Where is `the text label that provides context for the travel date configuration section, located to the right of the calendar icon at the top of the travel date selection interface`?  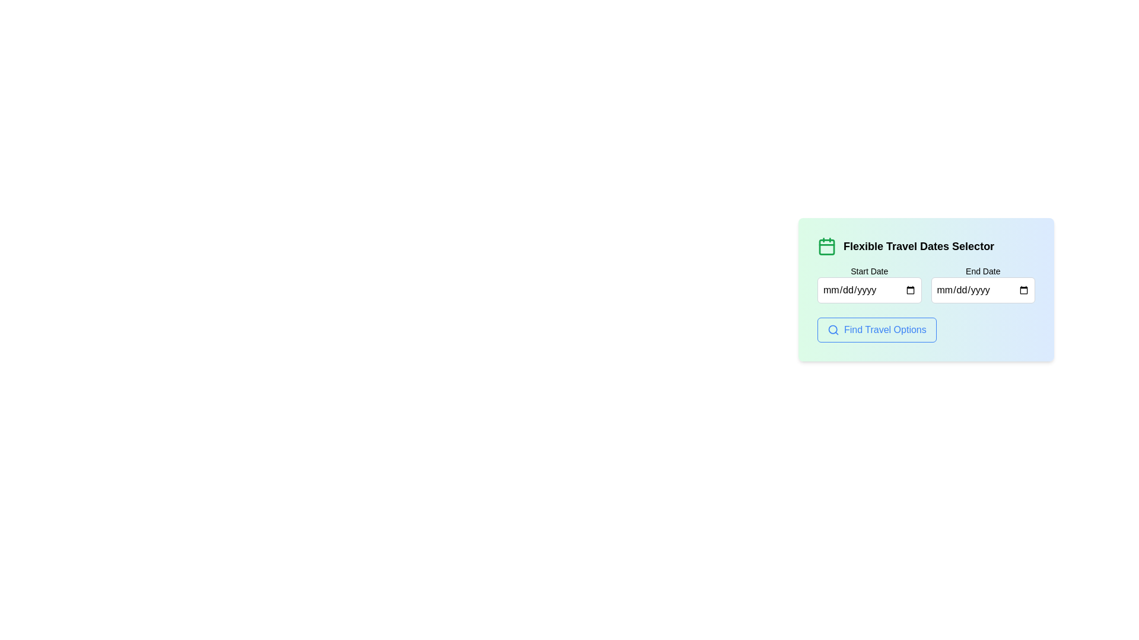 the text label that provides context for the travel date configuration section, located to the right of the calendar icon at the top of the travel date selection interface is located at coordinates (918, 246).